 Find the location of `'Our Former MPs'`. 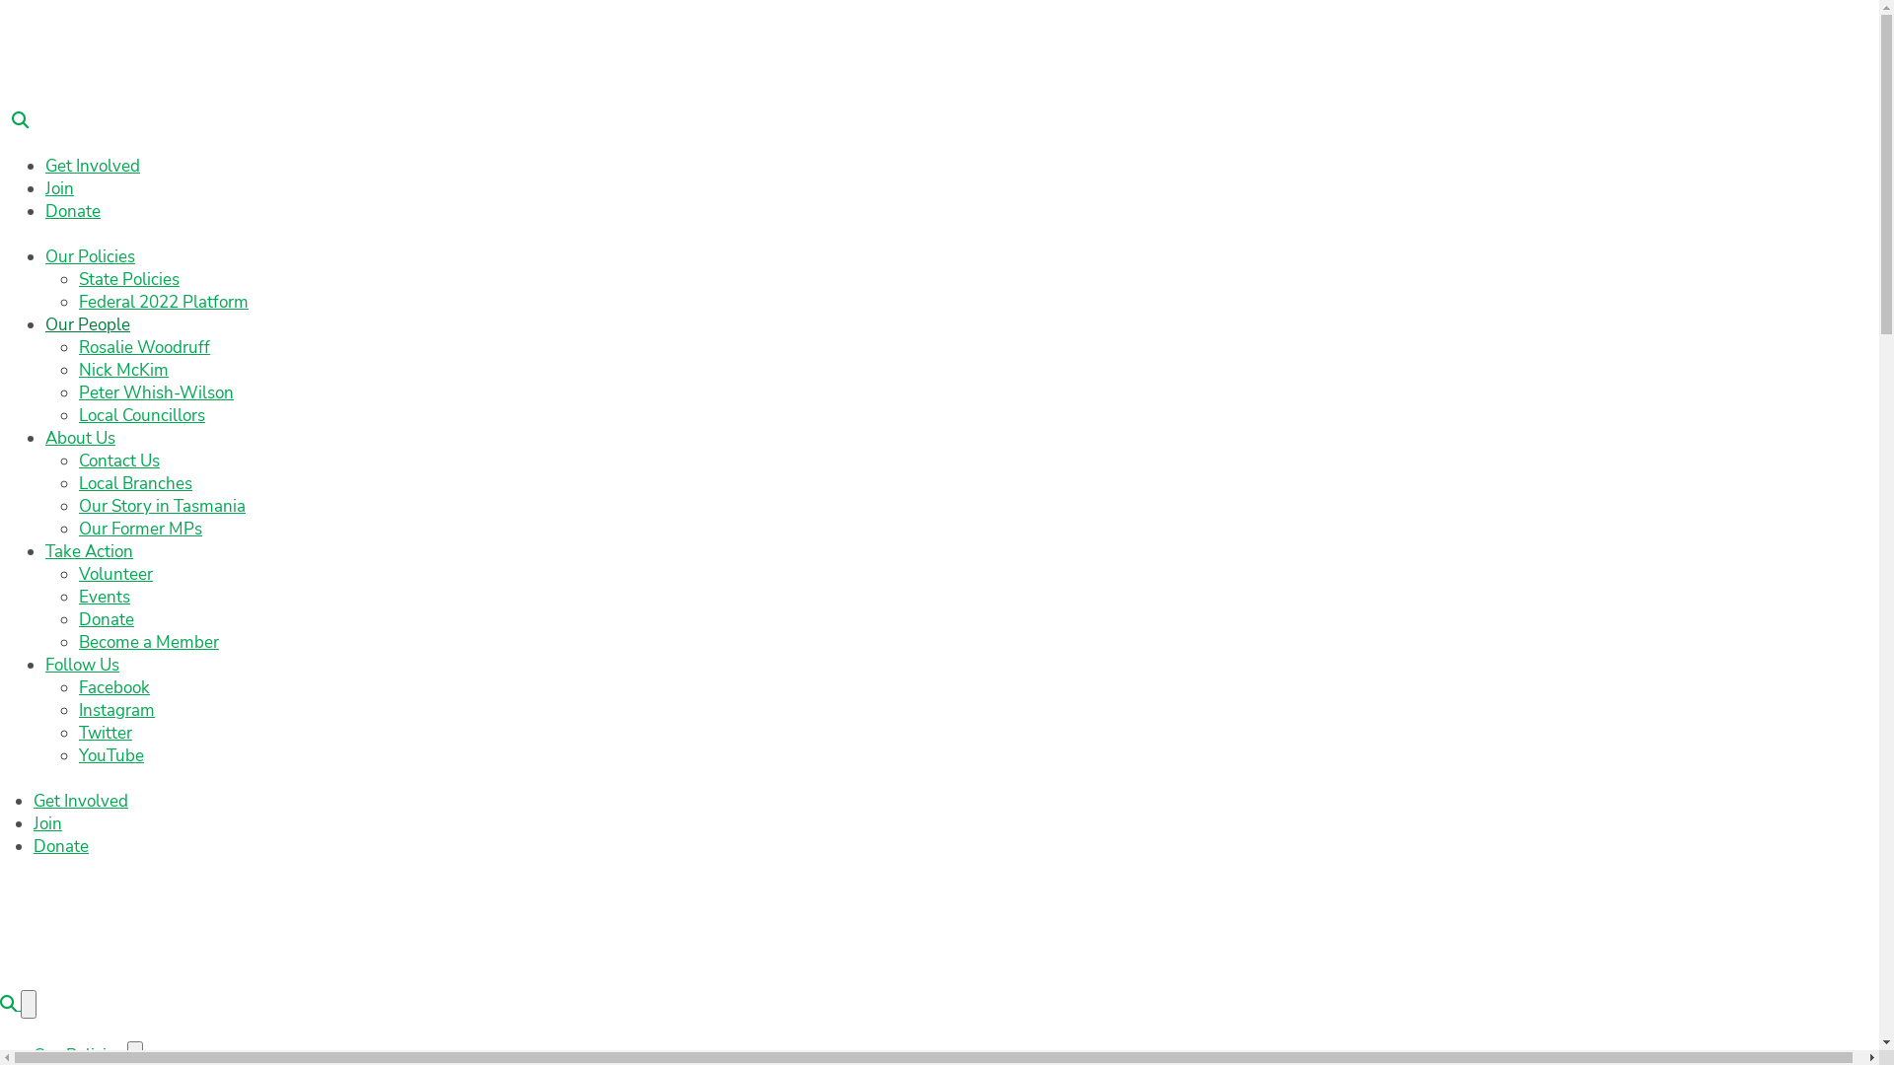

'Our Former MPs' is located at coordinates (139, 528).